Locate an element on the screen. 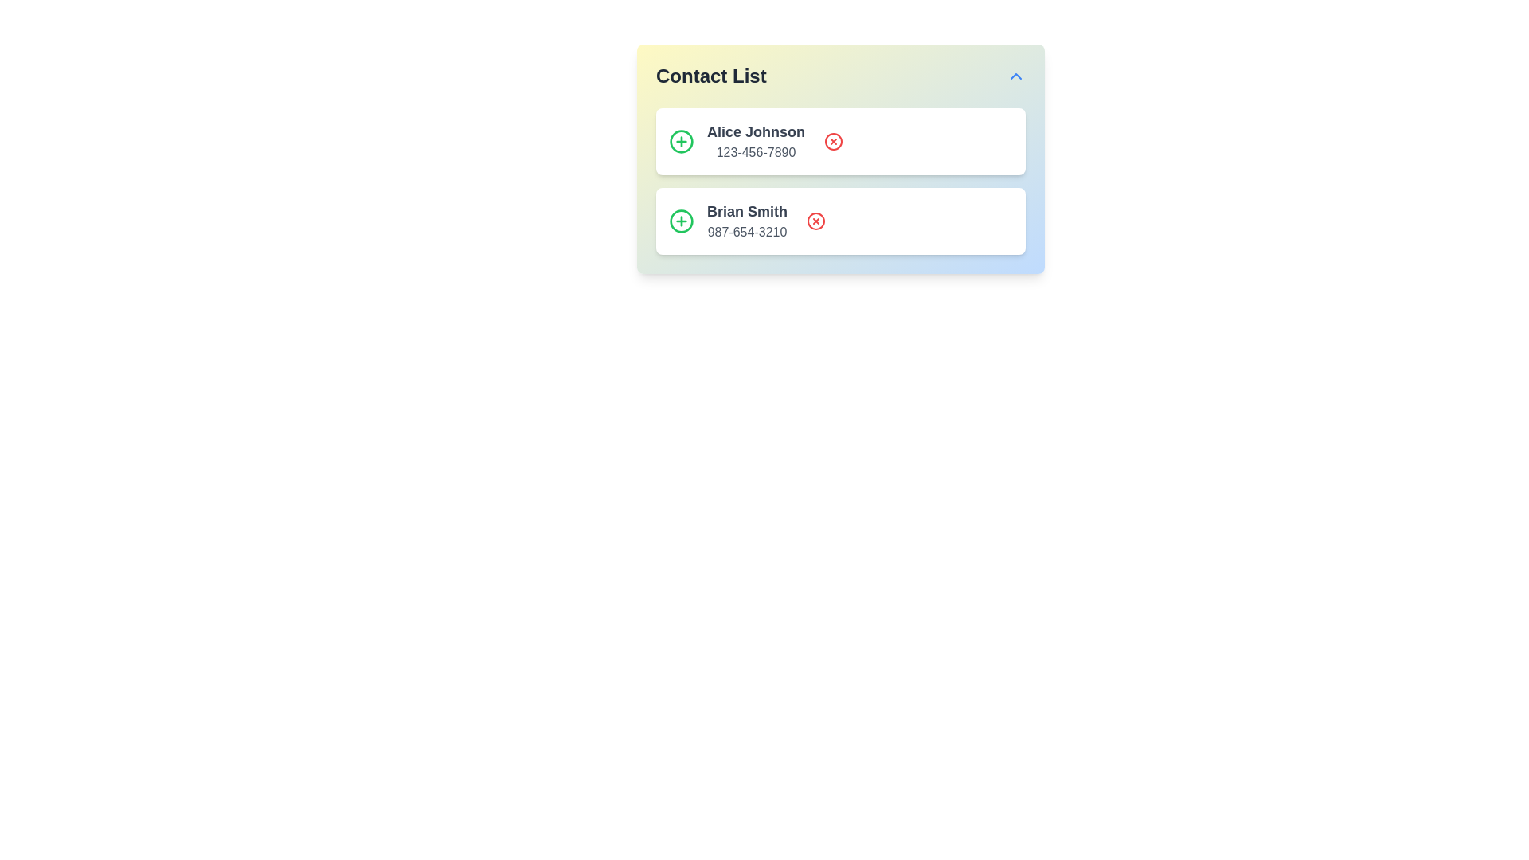 This screenshot has height=860, width=1529. the red circular icon with a cross ('x') symbol inside, located to the right of 'Alice Johnson' and '123-456-7890' is located at coordinates (832, 140).